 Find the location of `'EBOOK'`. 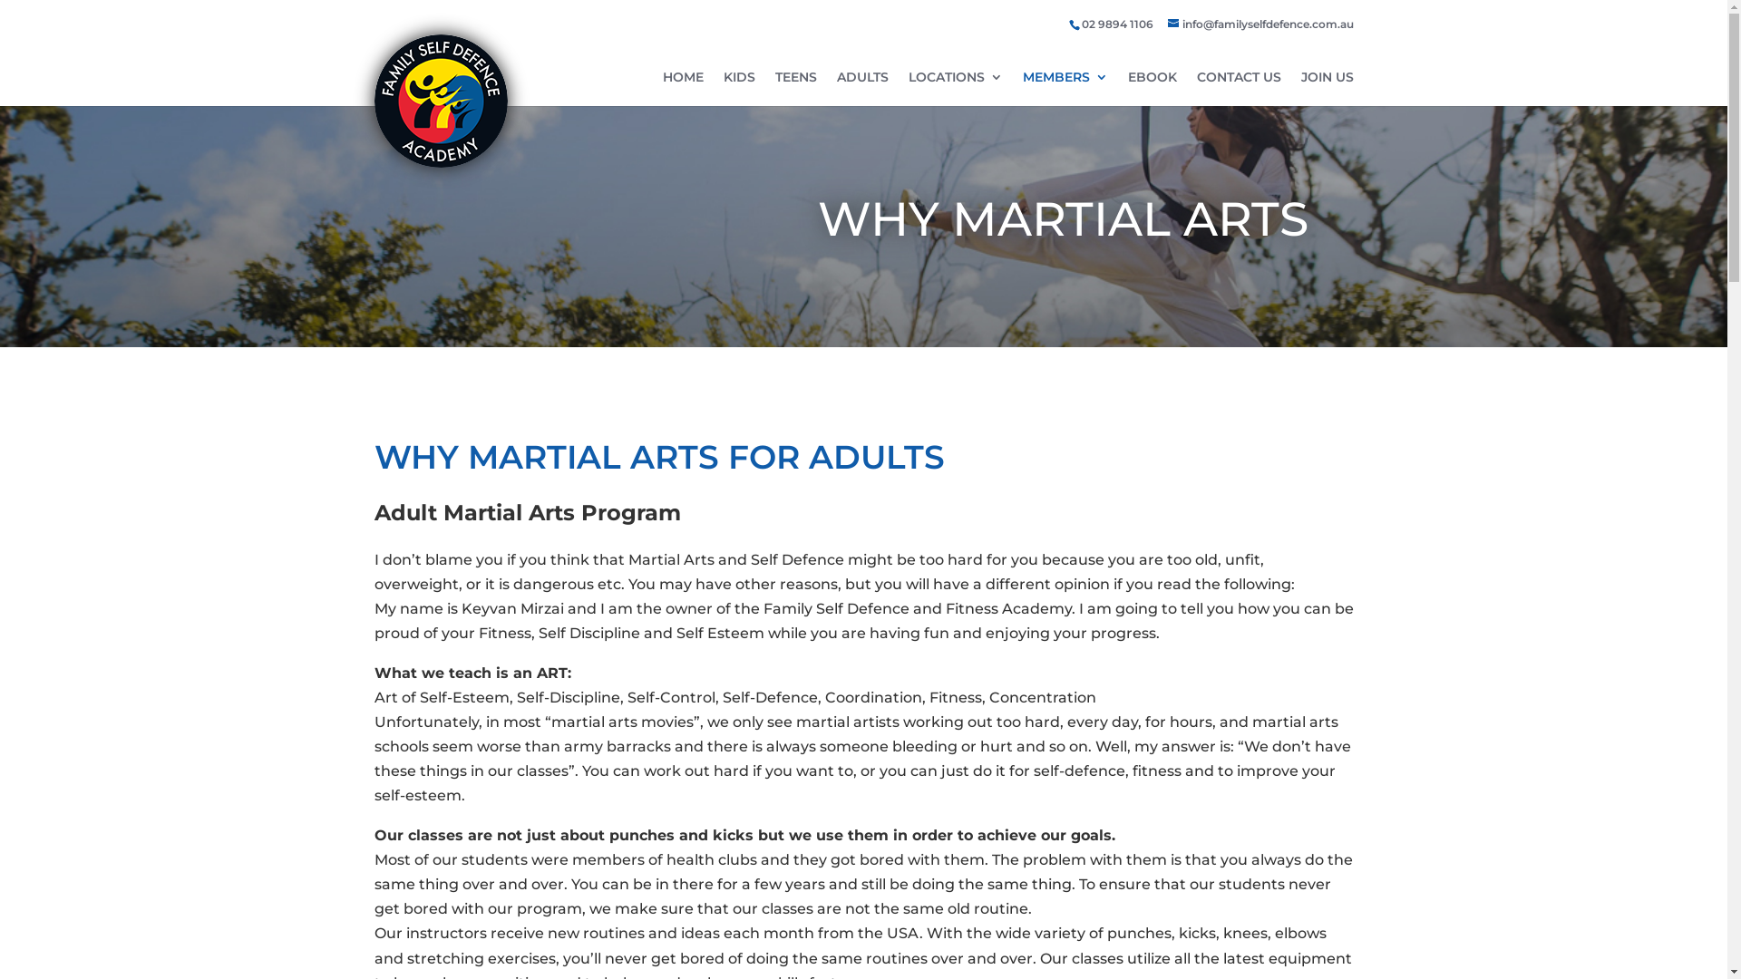

'EBOOK' is located at coordinates (1152, 88).